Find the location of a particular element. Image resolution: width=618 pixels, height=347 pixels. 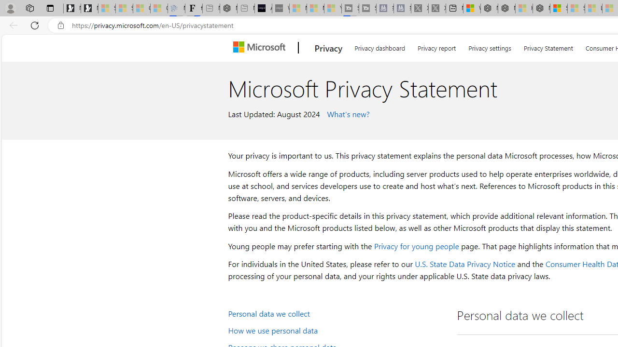

' What' is located at coordinates (347, 113).